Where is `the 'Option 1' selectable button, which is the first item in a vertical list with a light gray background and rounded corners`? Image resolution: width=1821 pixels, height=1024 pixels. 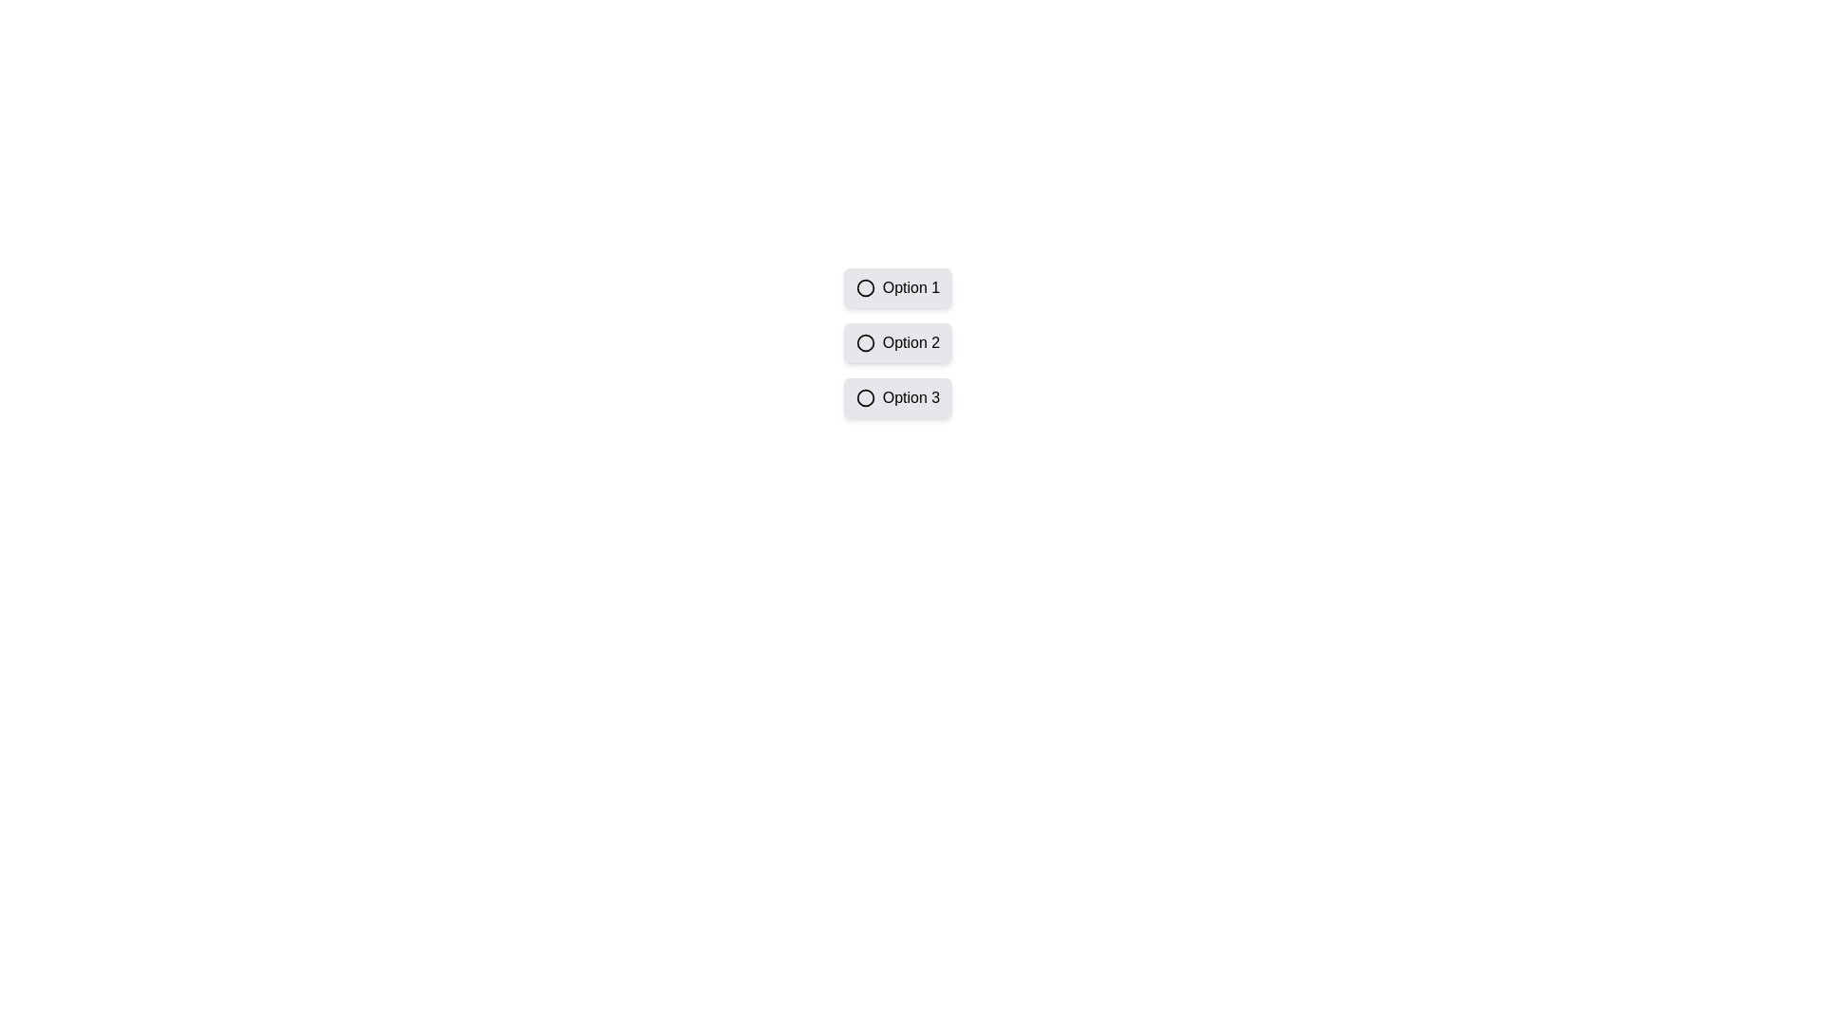 the 'Option 1' selectable button, which is the first item in a vertical list with a light gray background and rounded corners is located at coordinates (896, 288).